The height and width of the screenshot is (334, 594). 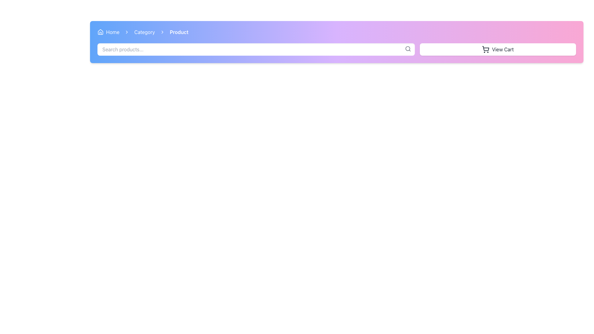 I want to click on the shopping cart icon within the 'View Cart' button, which is located at the top-right corner of the interface, so click(x=485, y=49).